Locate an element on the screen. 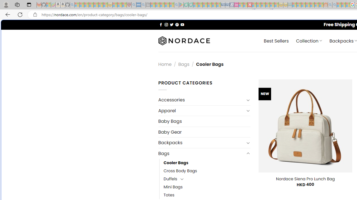 This screenshot has height=200, width=357. 'Follow on Facebook' is located at coordinates (161, 24).